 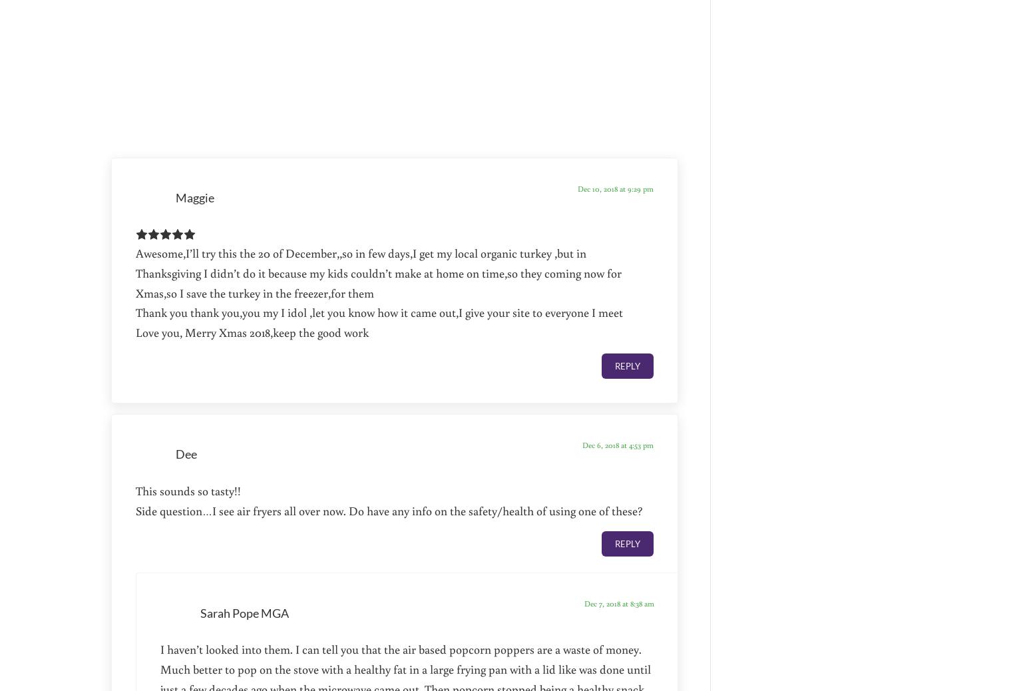 What do you see at coordinates (186, 453) in the screenshot?
I see `'Dee'` at bounding box center [186, 453].